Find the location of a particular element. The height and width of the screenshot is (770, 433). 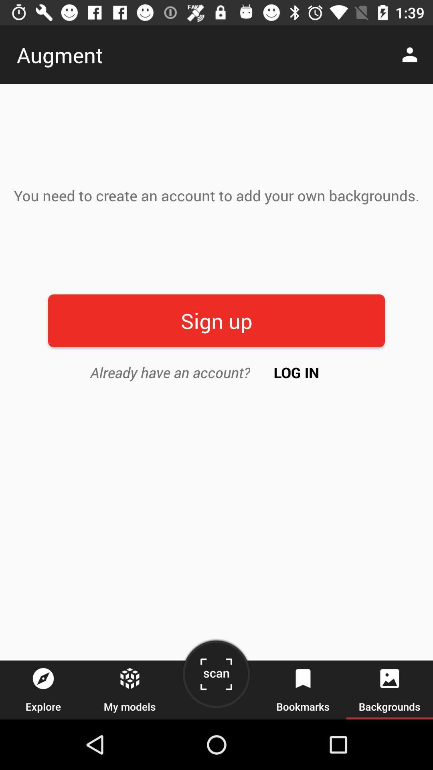

icon on the right is located at coordinates (296, 372).